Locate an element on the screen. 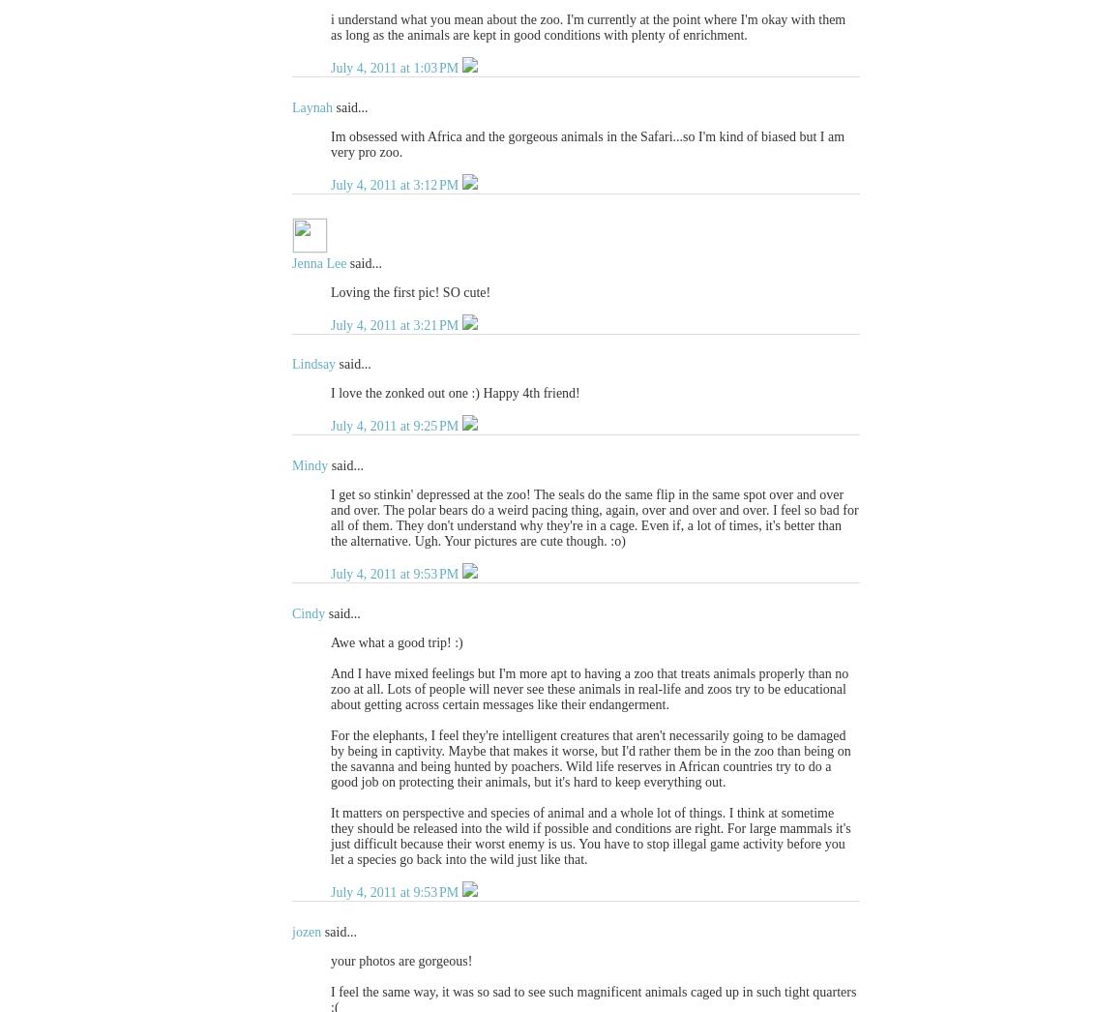 Image resolution: width=1096 pixels, height=1012 pixels. 'July 4, 2011 at 9:25 PM' is located at coordinates (396, 425).